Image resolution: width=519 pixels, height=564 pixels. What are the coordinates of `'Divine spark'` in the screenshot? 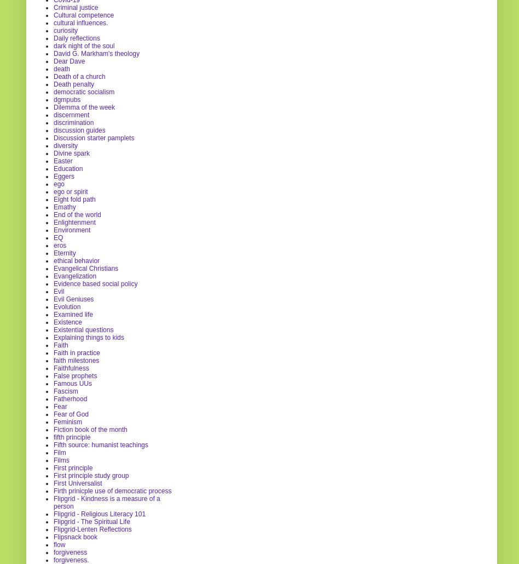 It's located at (71, 152).